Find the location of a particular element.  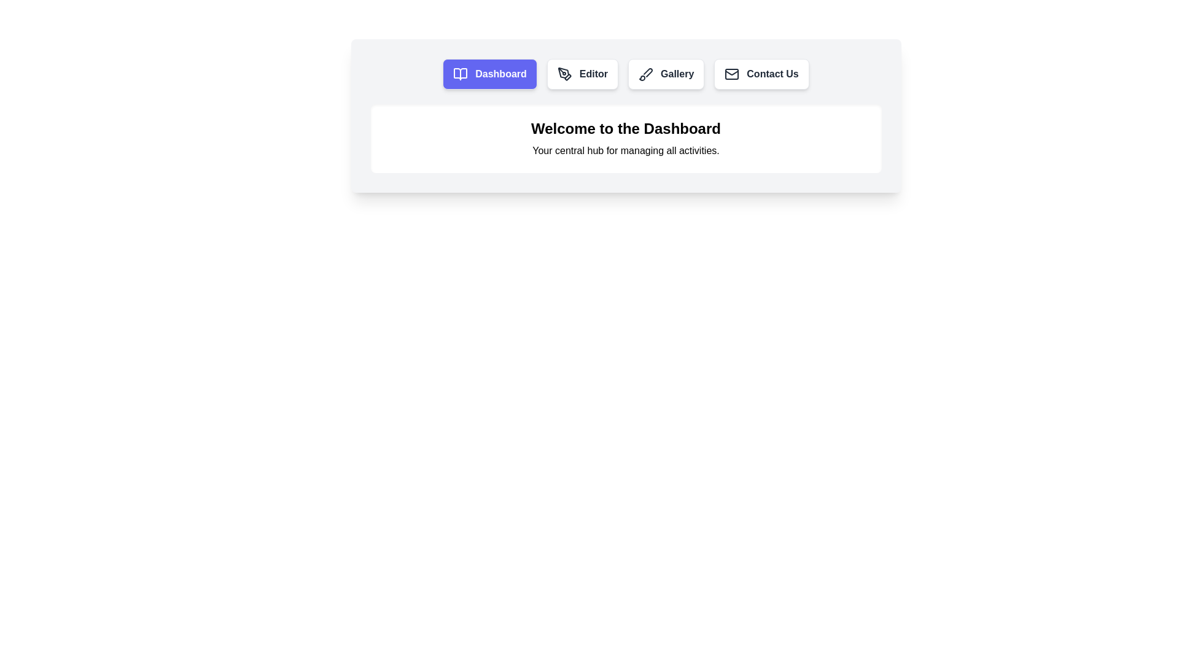

the heading text 'Welcome to the Dashboard' which is displayed prominently in bold, large, black font, located within a rounded rectangle near the top of the interface is located at coordinates (626, 138).